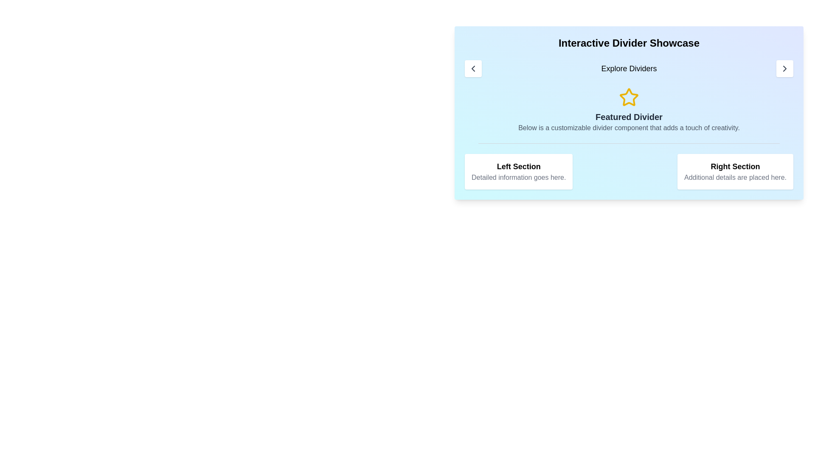  What do you see at coordinates (629, 97) in the screenshot?
I see `the Decorative Icon (SVG) that visually represents a feature or concept, located above the header text 'Featured Divider'` at bounding box center [629, 97].